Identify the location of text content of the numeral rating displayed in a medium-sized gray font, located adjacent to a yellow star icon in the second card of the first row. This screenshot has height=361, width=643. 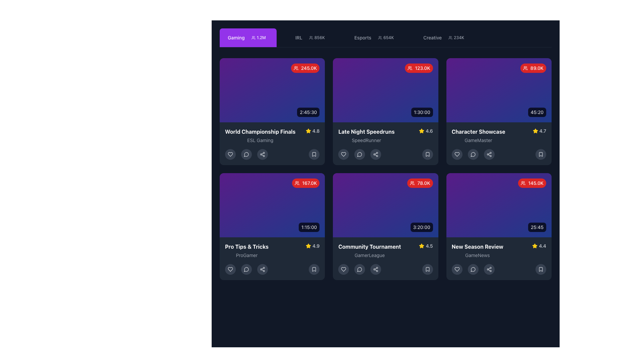
(429, 131).